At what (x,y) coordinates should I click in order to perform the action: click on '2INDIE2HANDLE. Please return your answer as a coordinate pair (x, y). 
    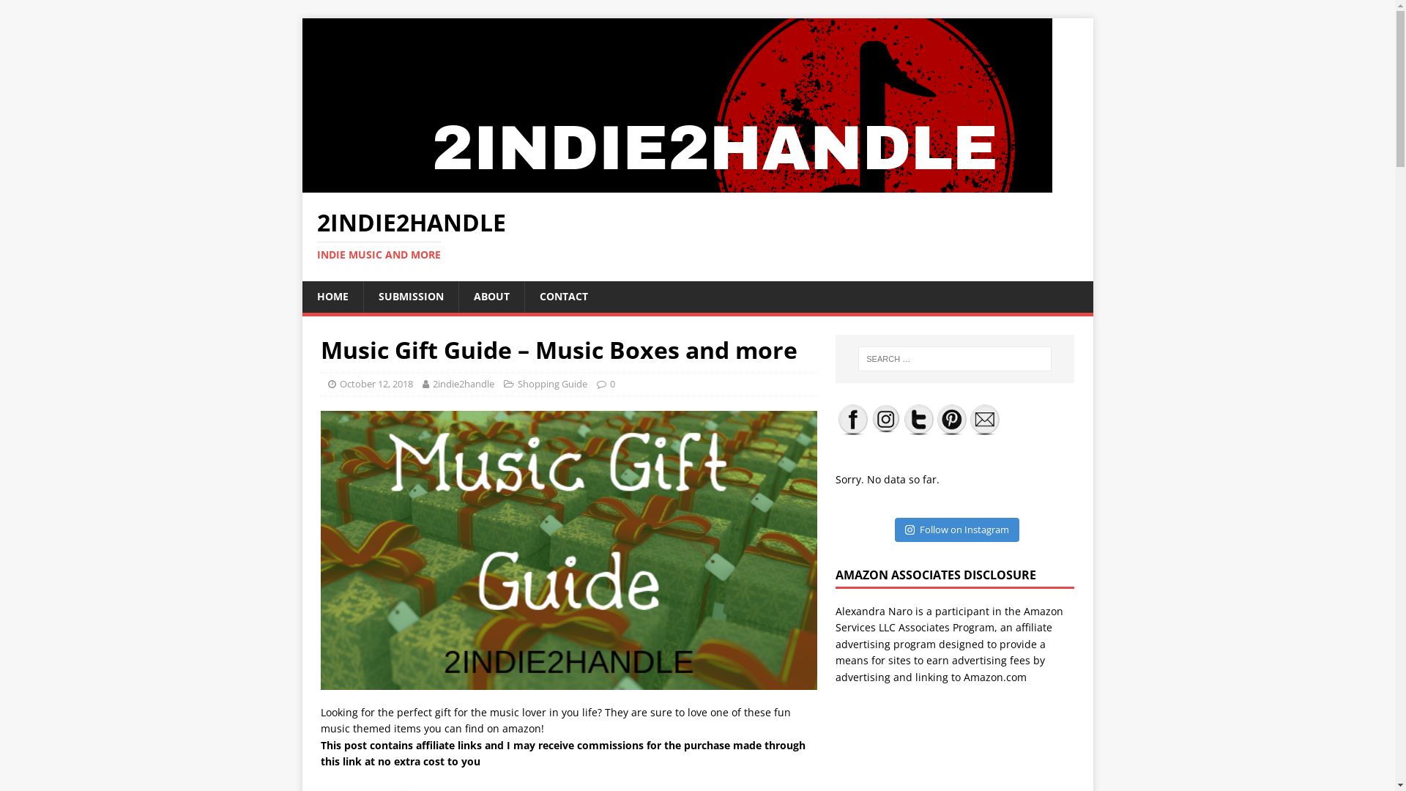
    Looking at the image, I should click on (696, 235).